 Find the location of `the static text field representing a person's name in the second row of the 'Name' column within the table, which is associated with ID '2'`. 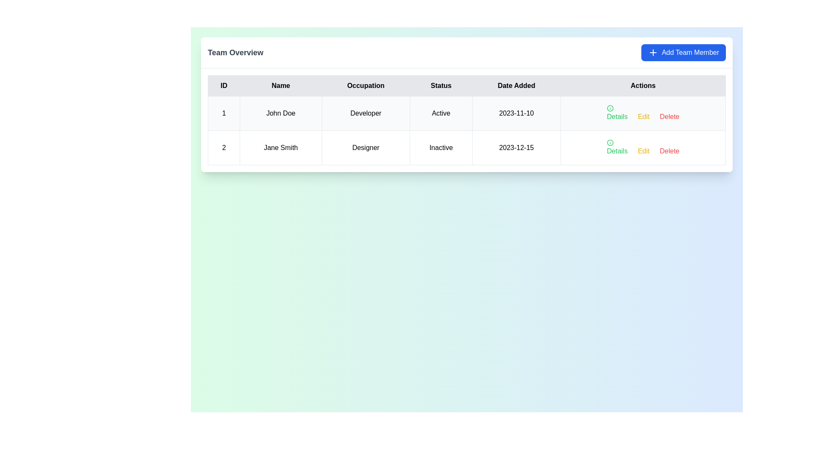

the static text field representing a person's name in the second row of the 'Name' column within the table, which is associated with ID '2' is located at coordinates (281, 147).